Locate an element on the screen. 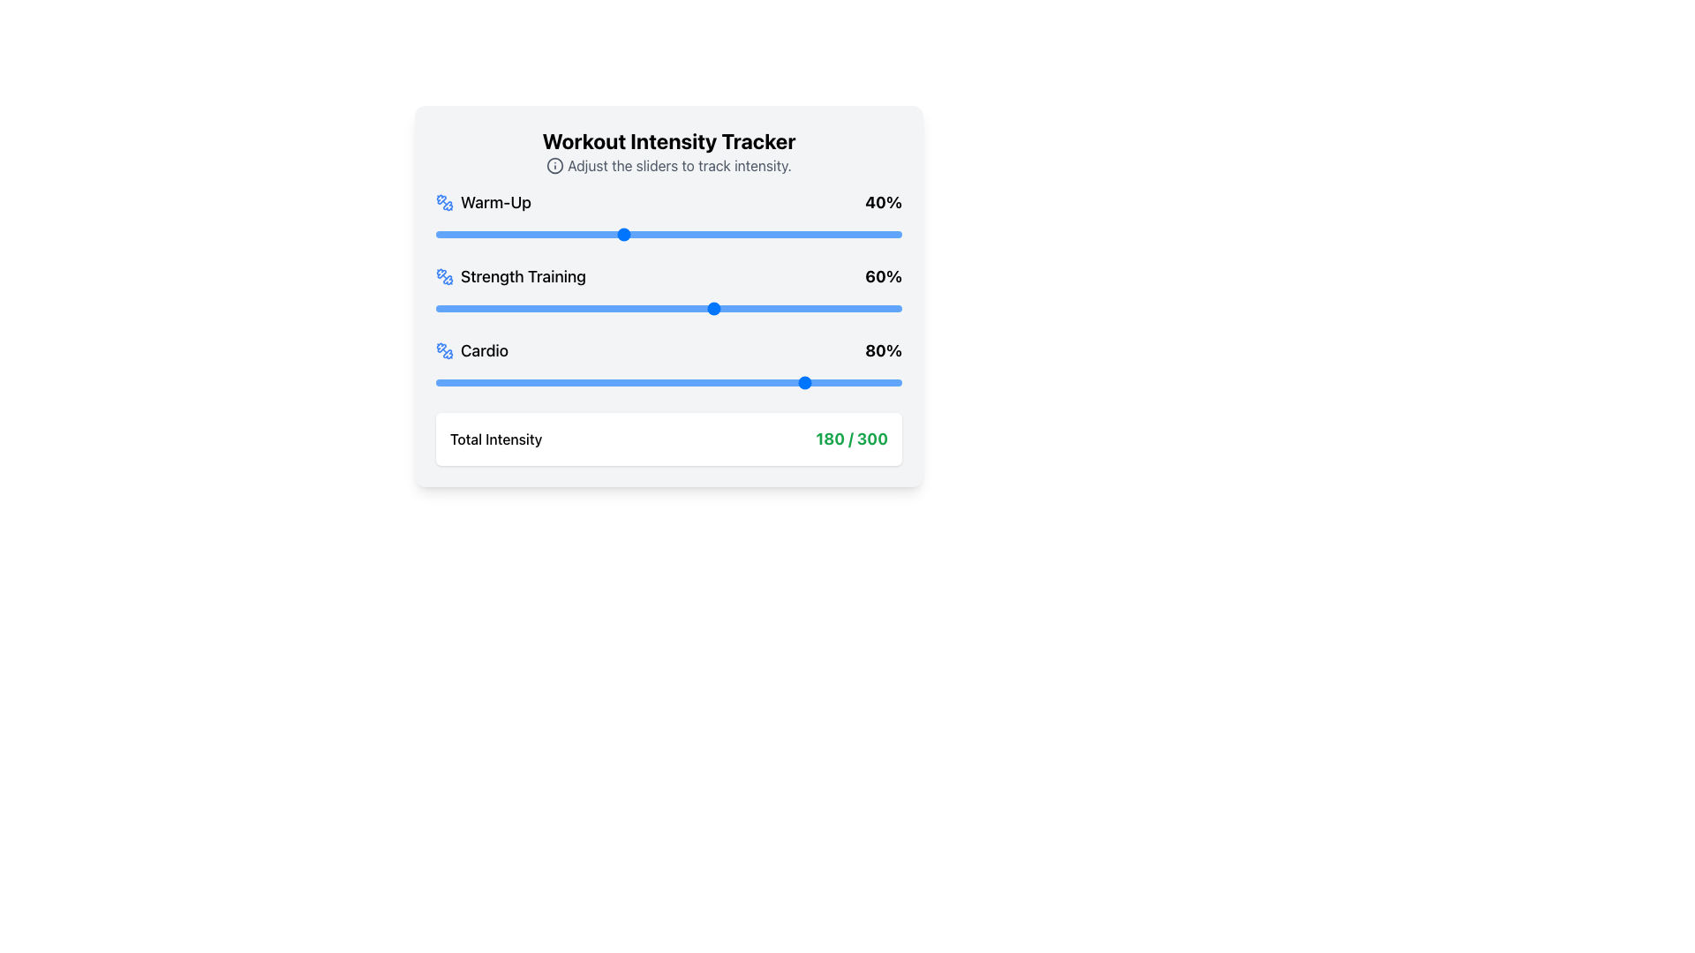 The image size is (1695, 953). the cardio intensity slider is located at coordinates (893, 382).